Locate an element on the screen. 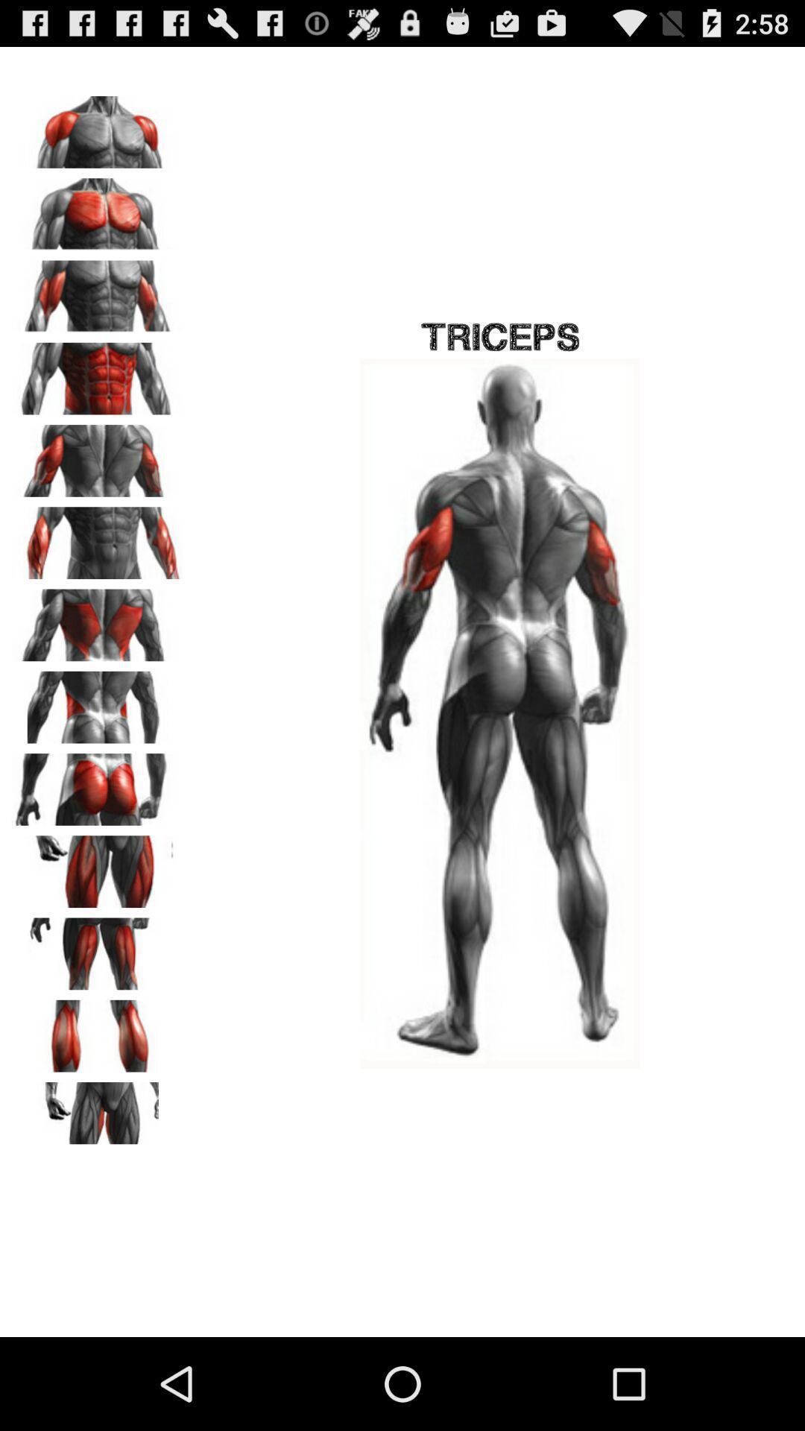  muscle option is located at coordinates (98, 455).